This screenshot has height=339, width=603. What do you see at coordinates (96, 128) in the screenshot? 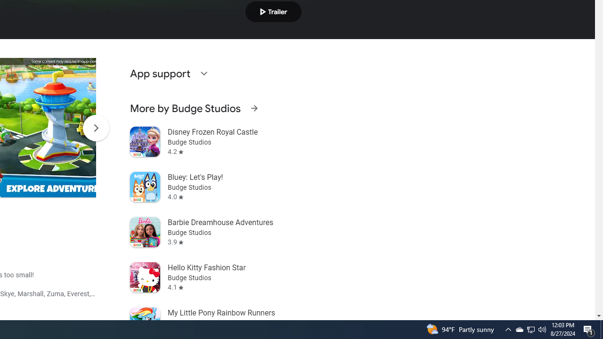
I see `'Scroll Next'` at bounding box center [96, 128].